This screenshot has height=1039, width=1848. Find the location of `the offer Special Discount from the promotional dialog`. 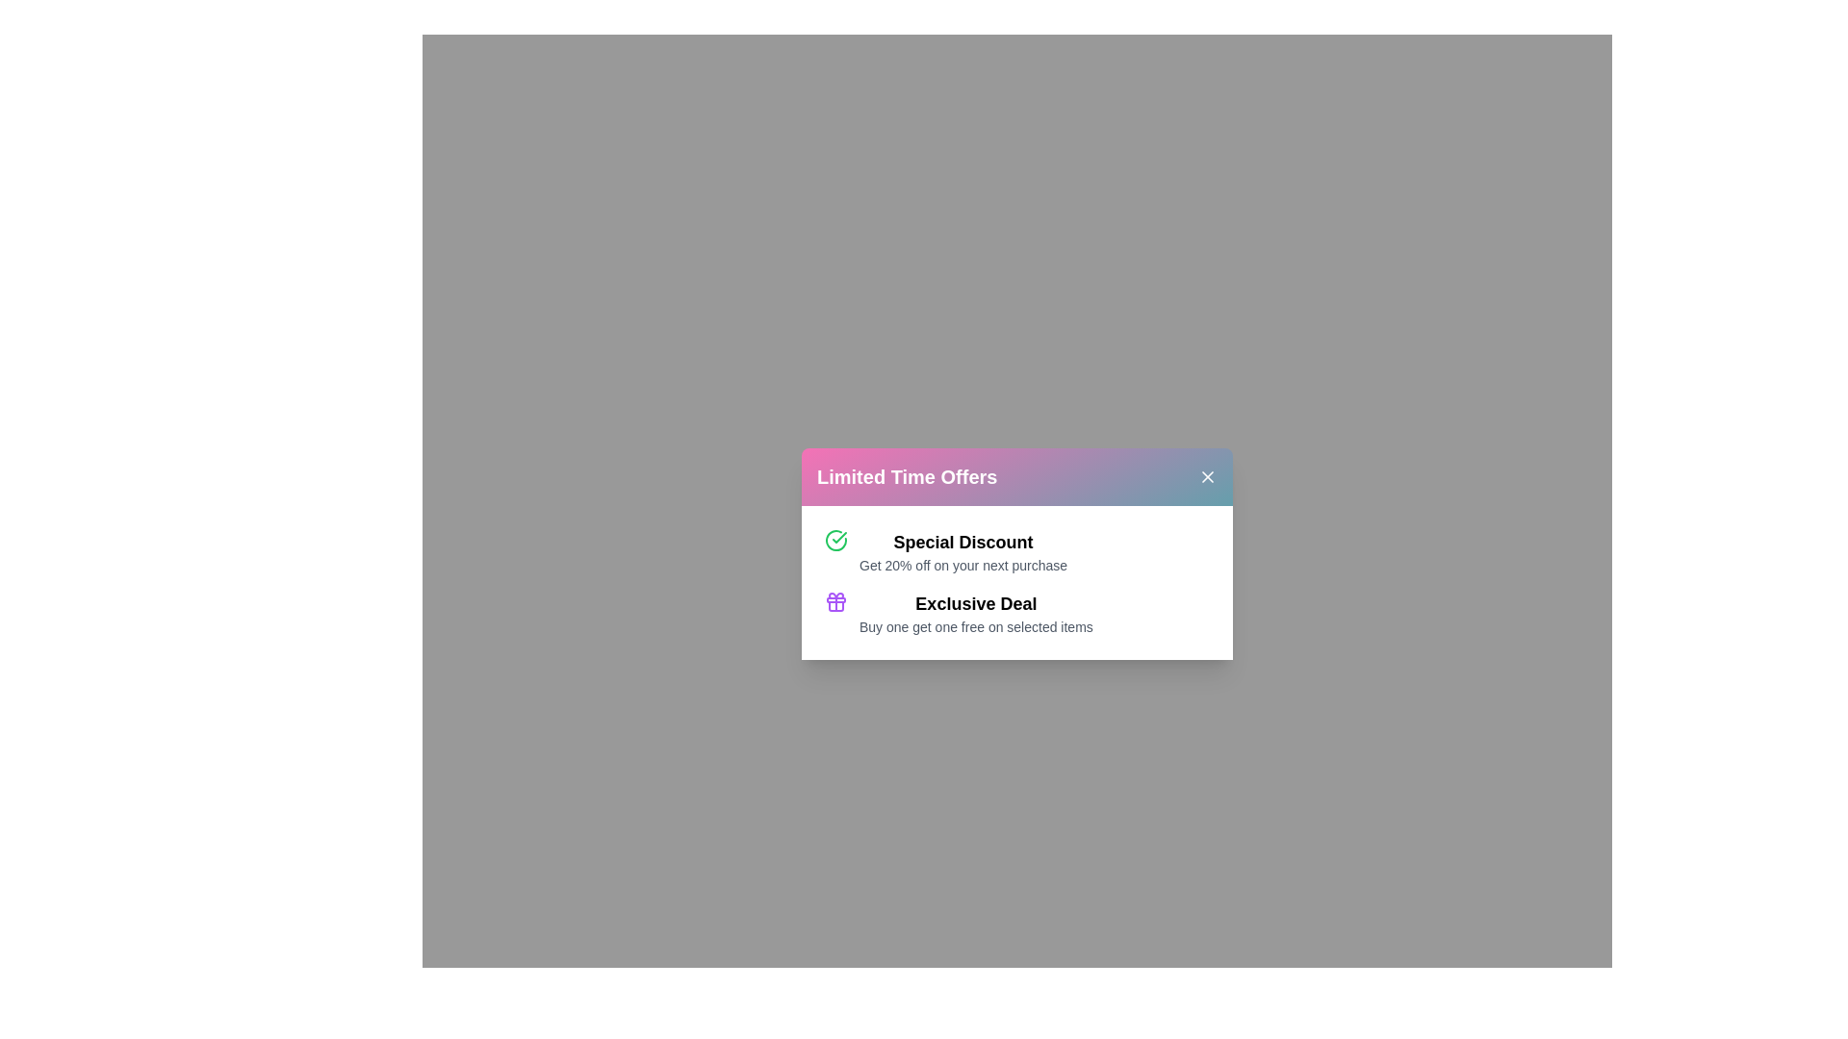

the offer Special Discount from the promotional dialog is located at coordinates (963, 542).